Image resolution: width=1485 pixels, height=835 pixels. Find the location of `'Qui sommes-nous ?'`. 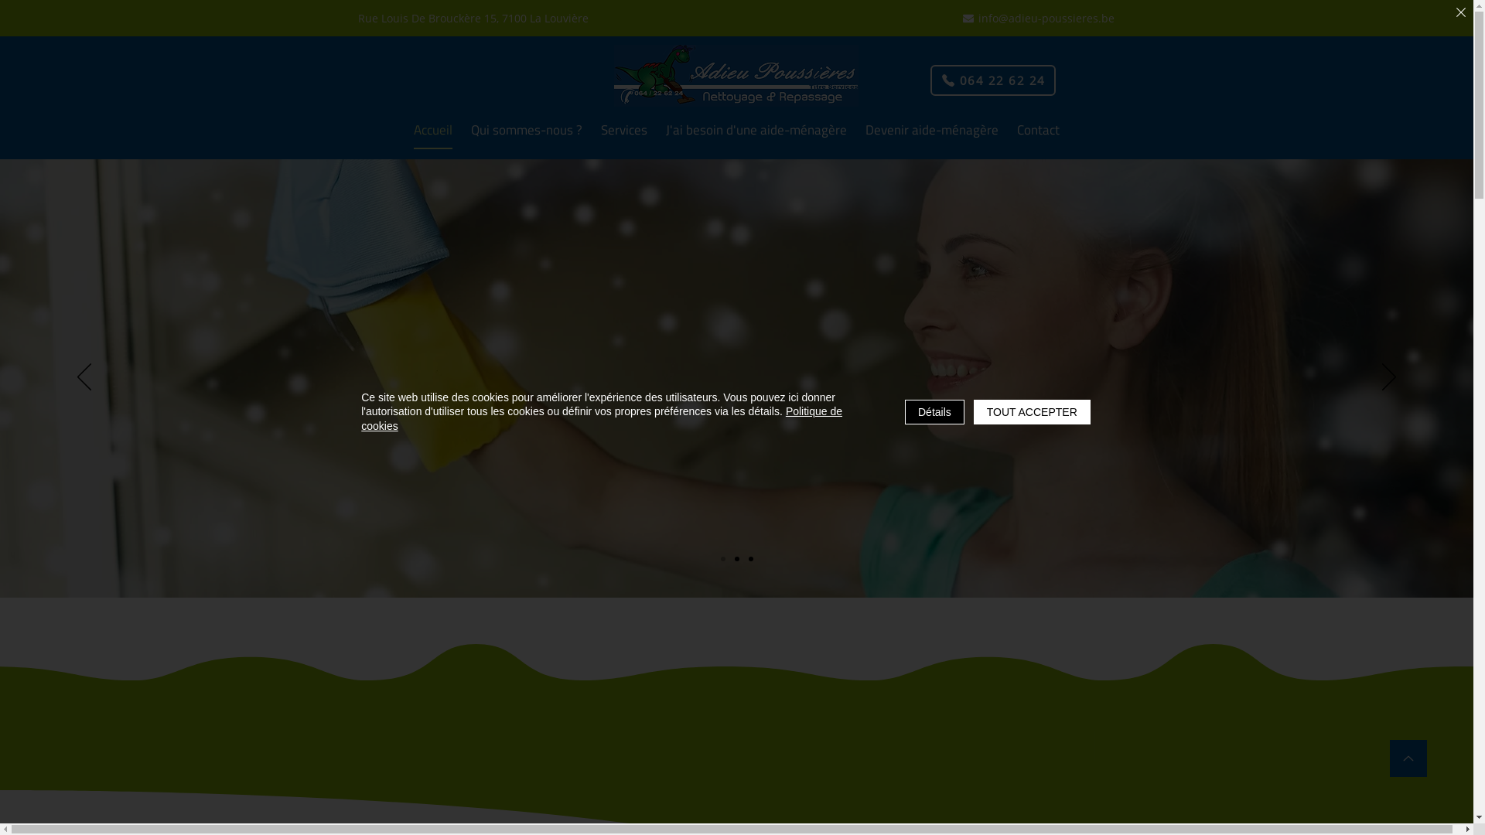

'Qui sommes-nous ?' is located at coordinates (527, 130).